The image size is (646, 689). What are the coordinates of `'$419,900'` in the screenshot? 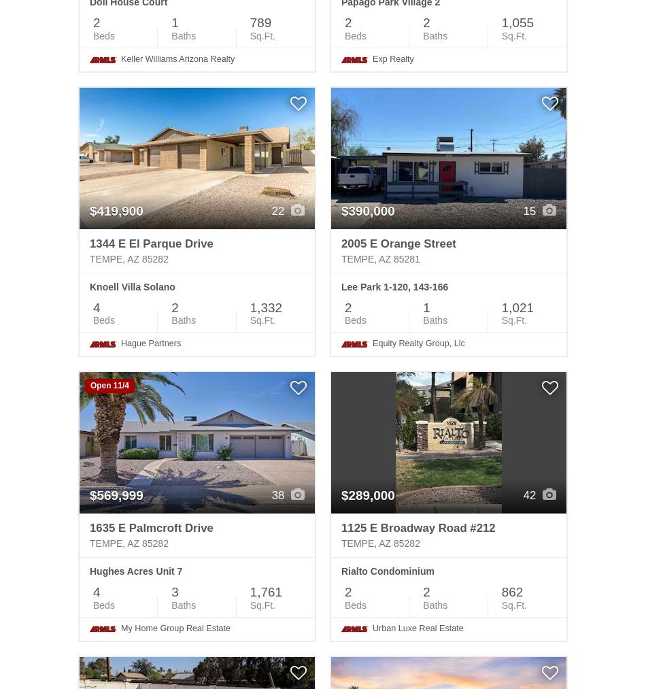 It's located at (116, 210).